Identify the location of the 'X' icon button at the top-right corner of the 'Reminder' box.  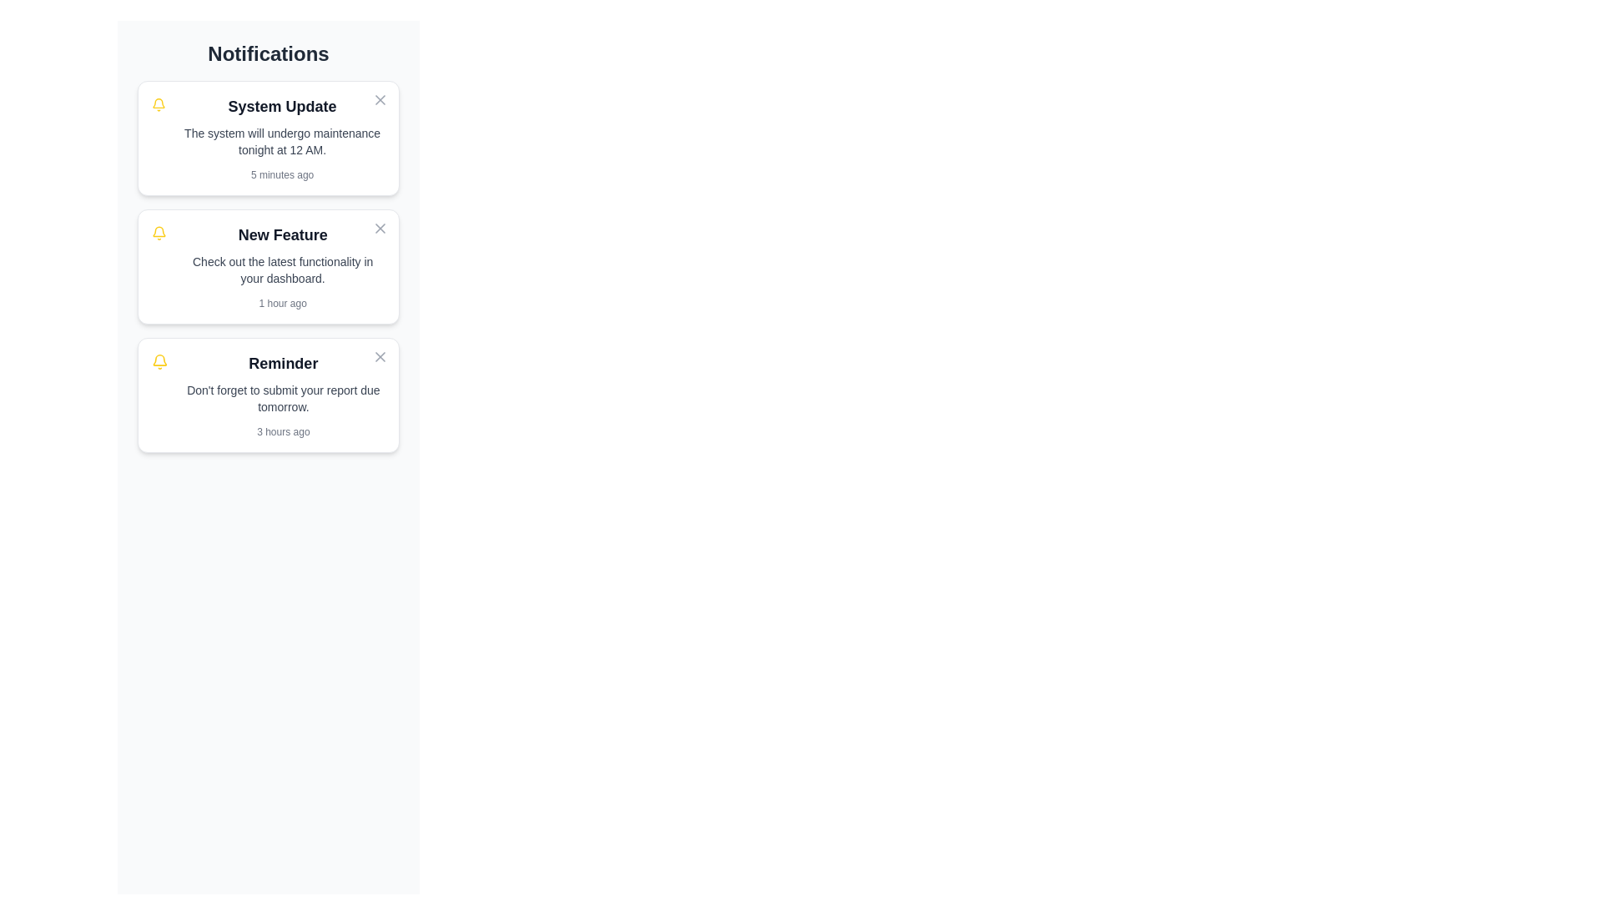
(380, 356).